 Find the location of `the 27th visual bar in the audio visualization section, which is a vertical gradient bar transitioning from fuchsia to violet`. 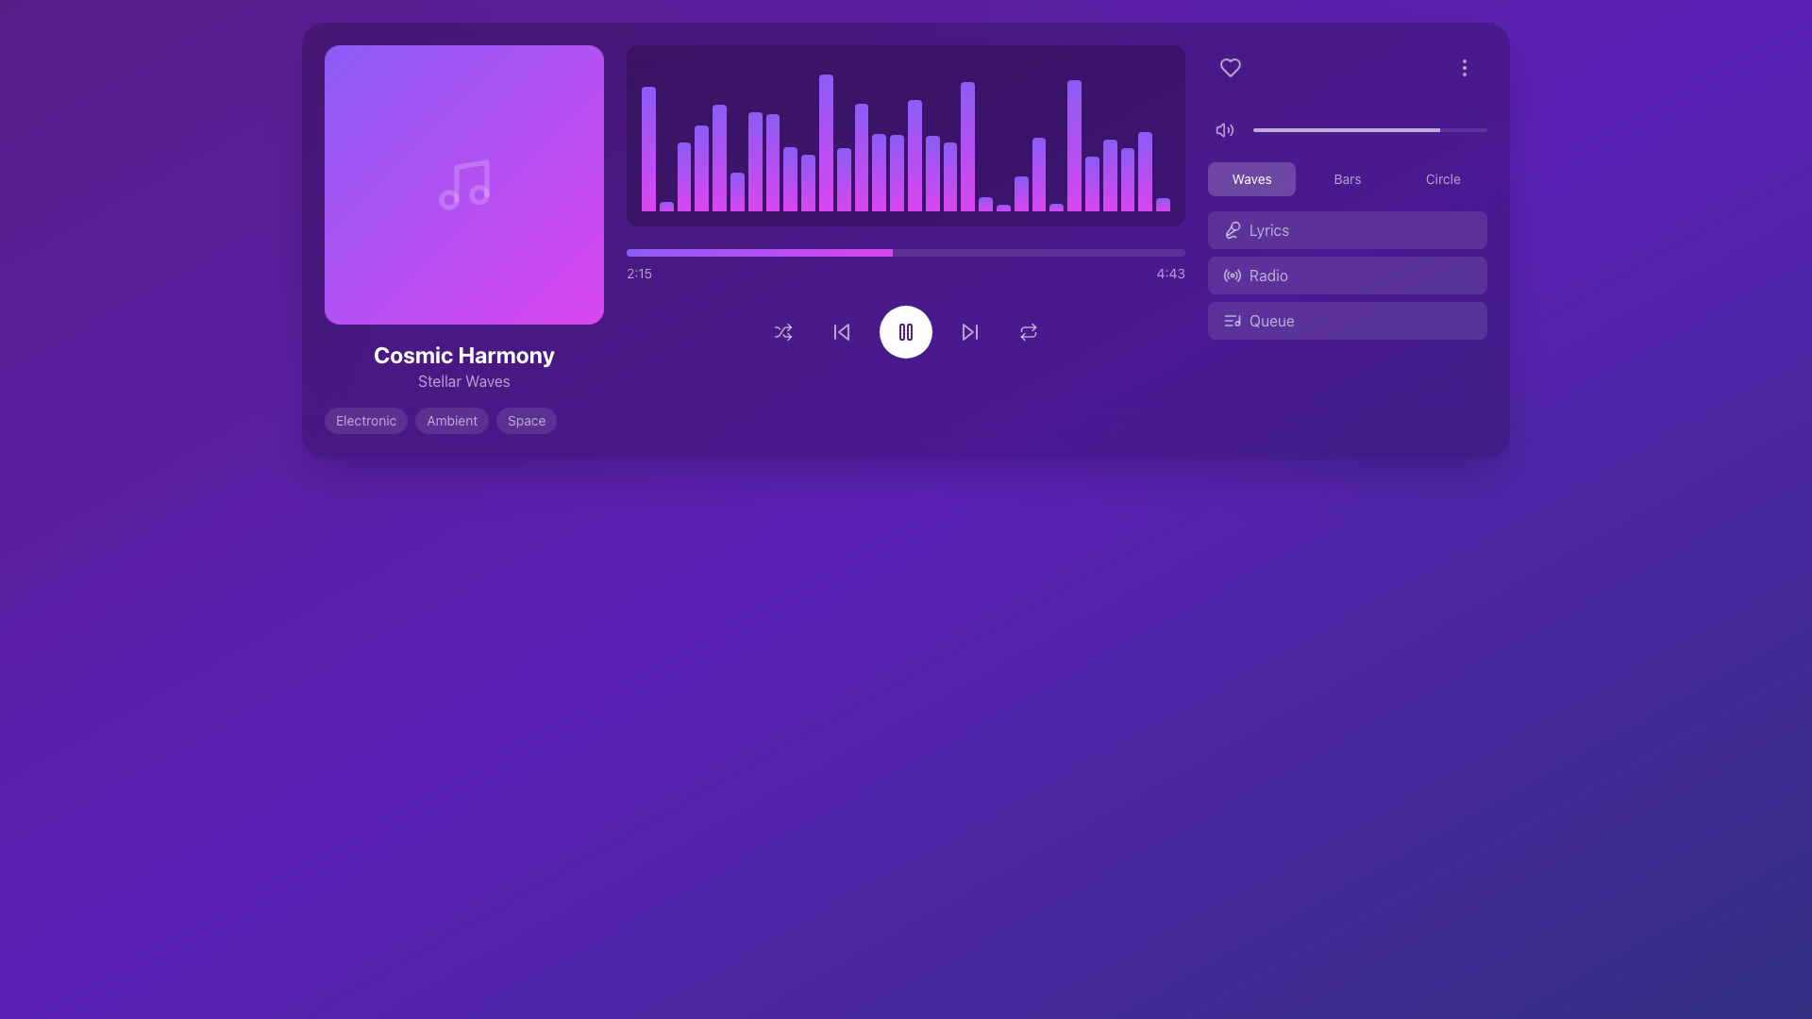

the 27th visual bar in the audio visualization section, which is a vertical gradient bar transitioning from fuchsia to violet is located at coordinates (1110, 175).